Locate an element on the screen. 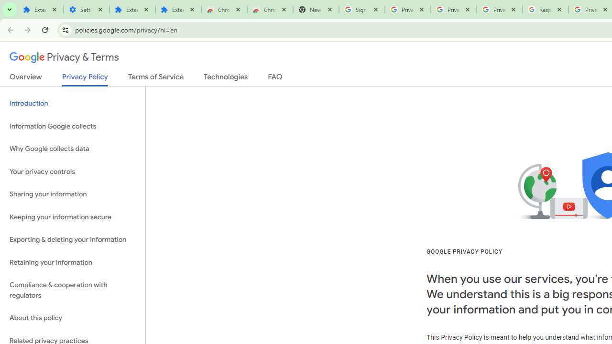  'New Tab' is located at coordinates (316, 10).